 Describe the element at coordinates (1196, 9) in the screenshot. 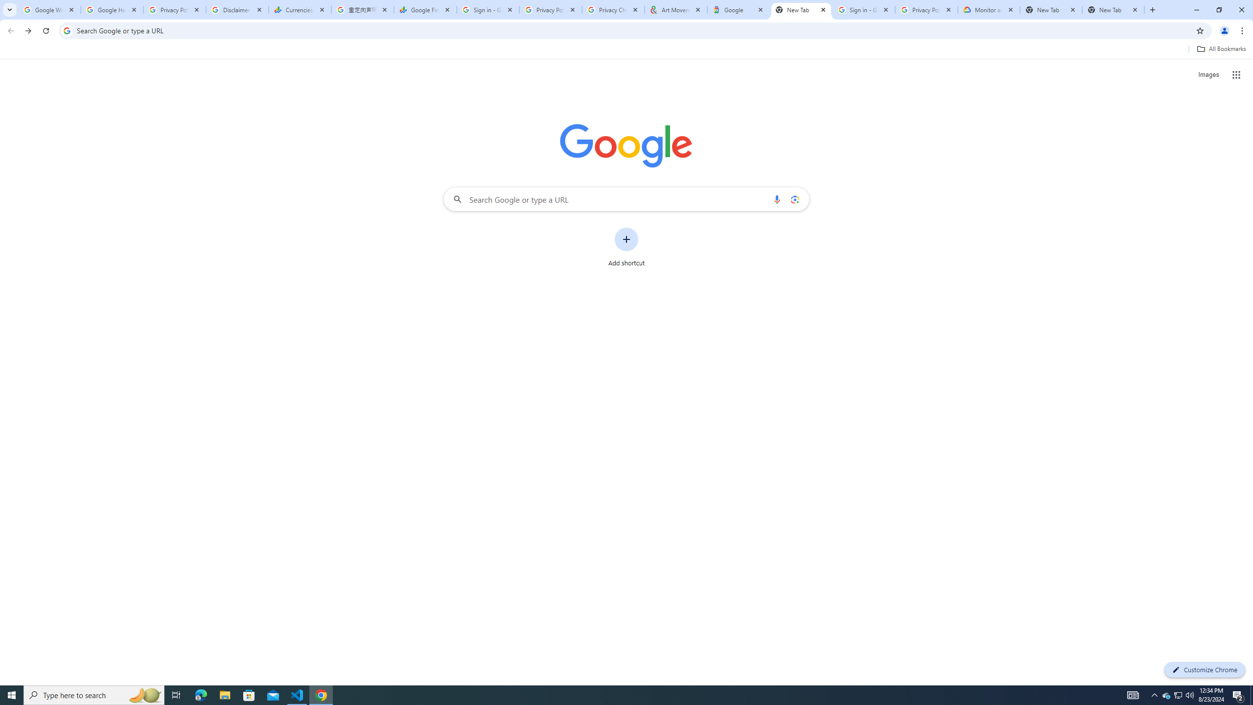

I see `'Minimize'` at that location.